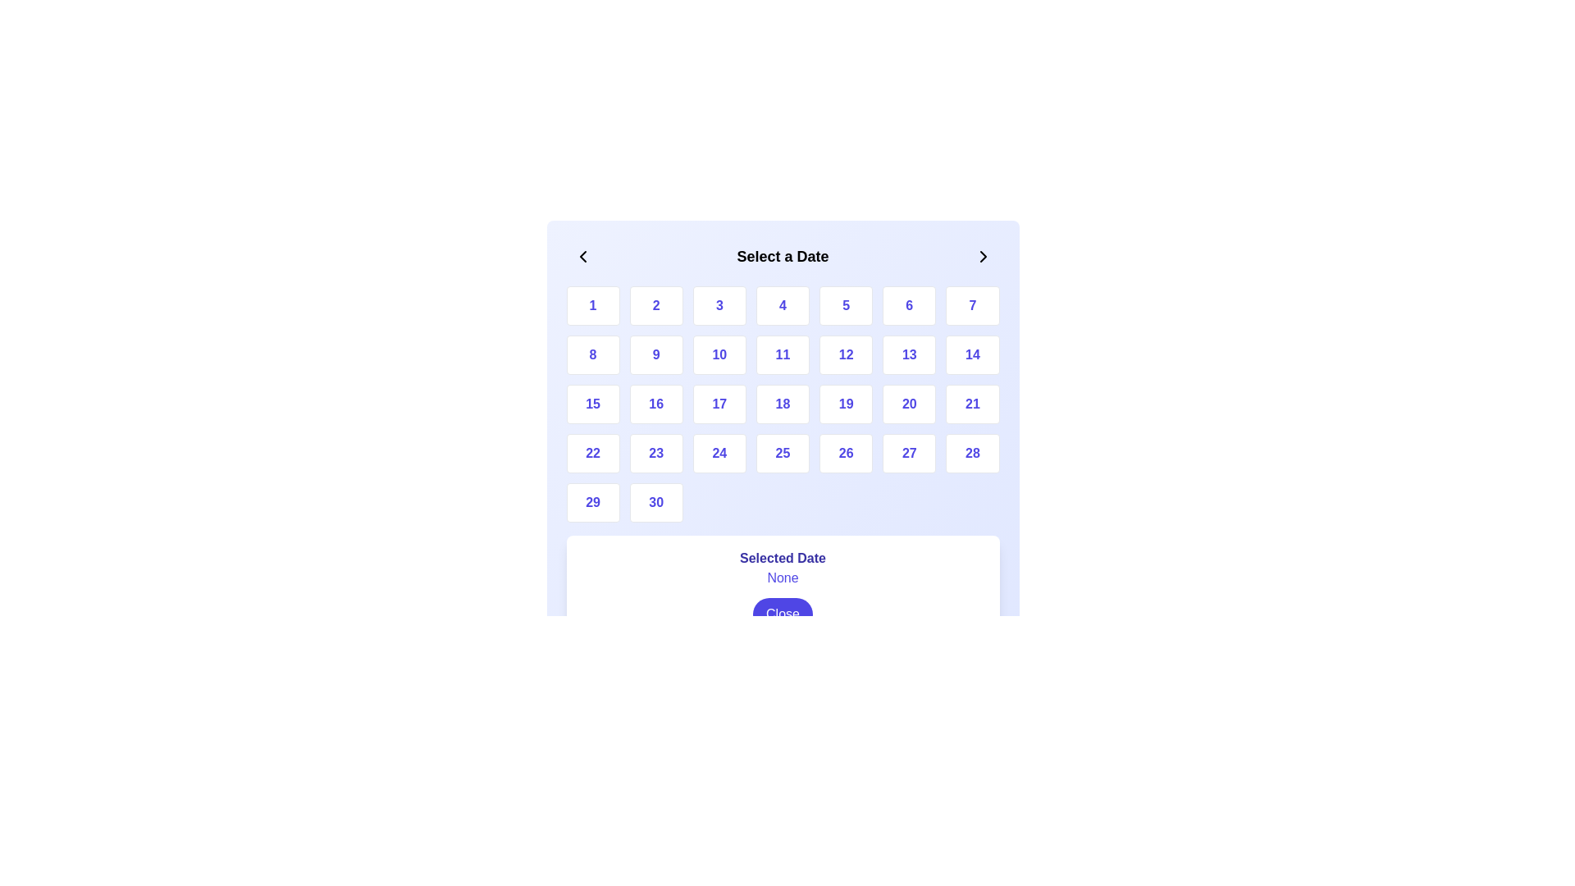 The height and width of the screenshot is (886, 1575). Describe the element at coordinates (983, 256) in the screenshot. I see `the navigation button in the top-right corner of the date selection interface to move forward to the next set of dates or month` at that location.